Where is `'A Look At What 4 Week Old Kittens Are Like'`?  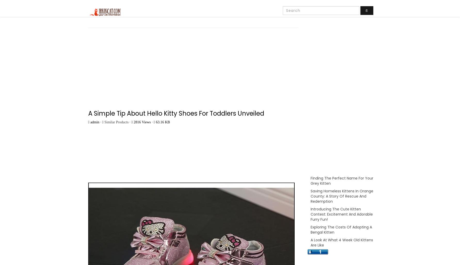
'A Look At What 4 Week Old Kittens Are Like' is located at coordinates (341, 243).